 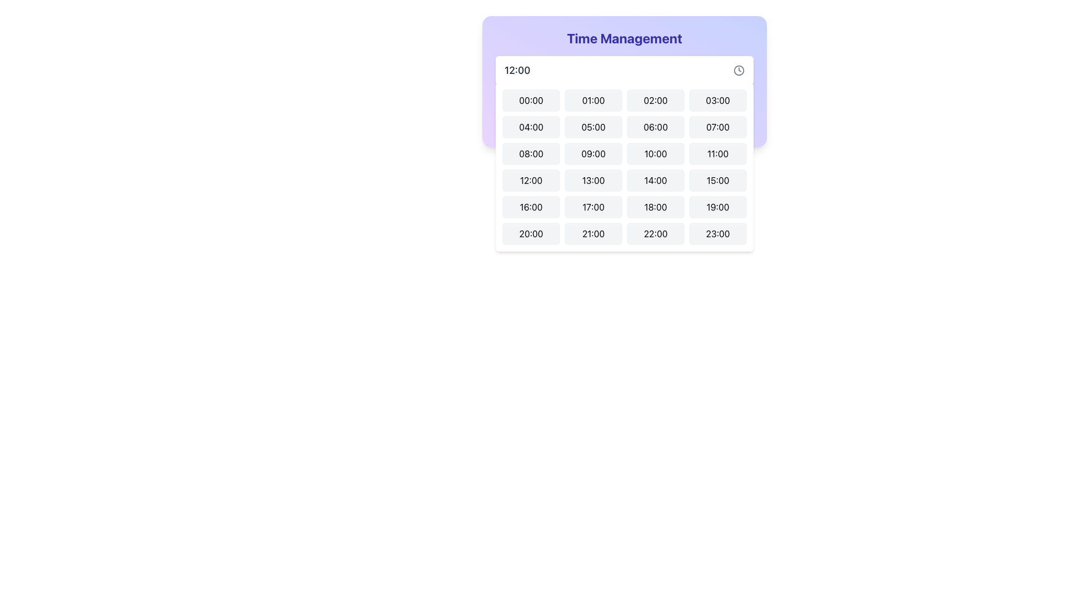 What do you see at coordinates (593, 101) in the screenshot?
I see `the button displaying the time value '01:00'` at bounding box center [593, 101].